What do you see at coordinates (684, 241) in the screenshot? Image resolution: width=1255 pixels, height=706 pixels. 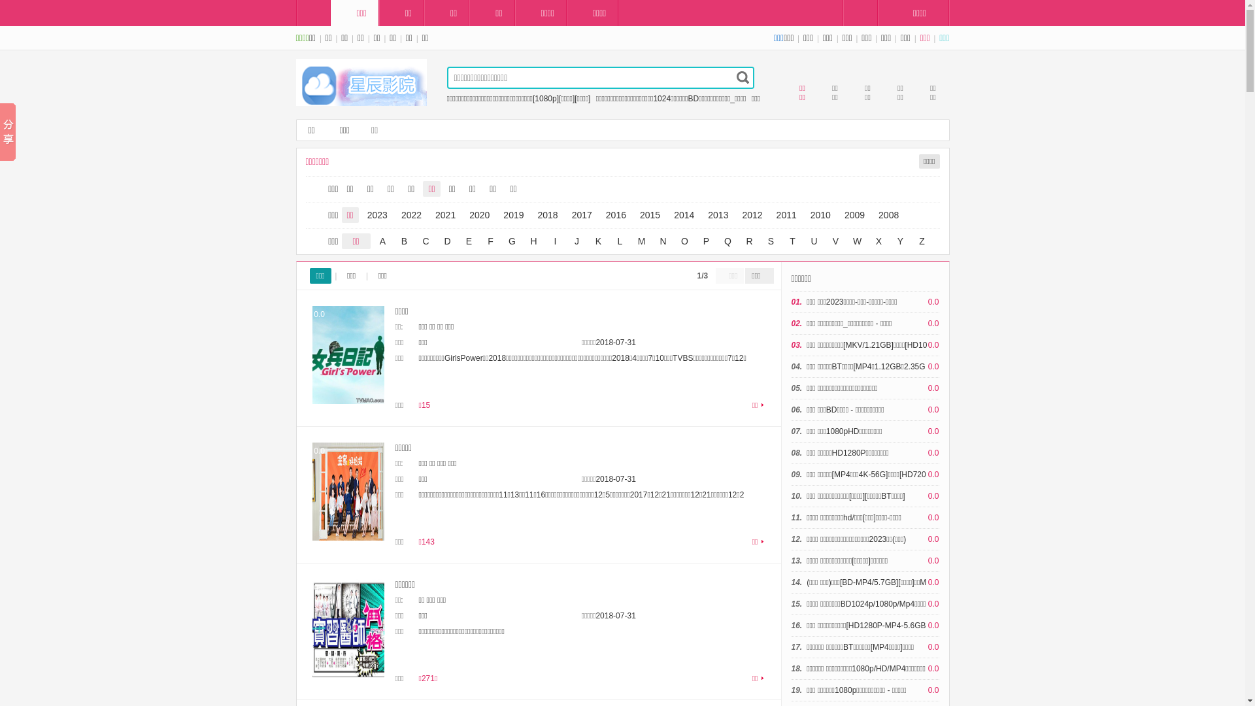 I see `'O'` at bounding box center [684, 241].